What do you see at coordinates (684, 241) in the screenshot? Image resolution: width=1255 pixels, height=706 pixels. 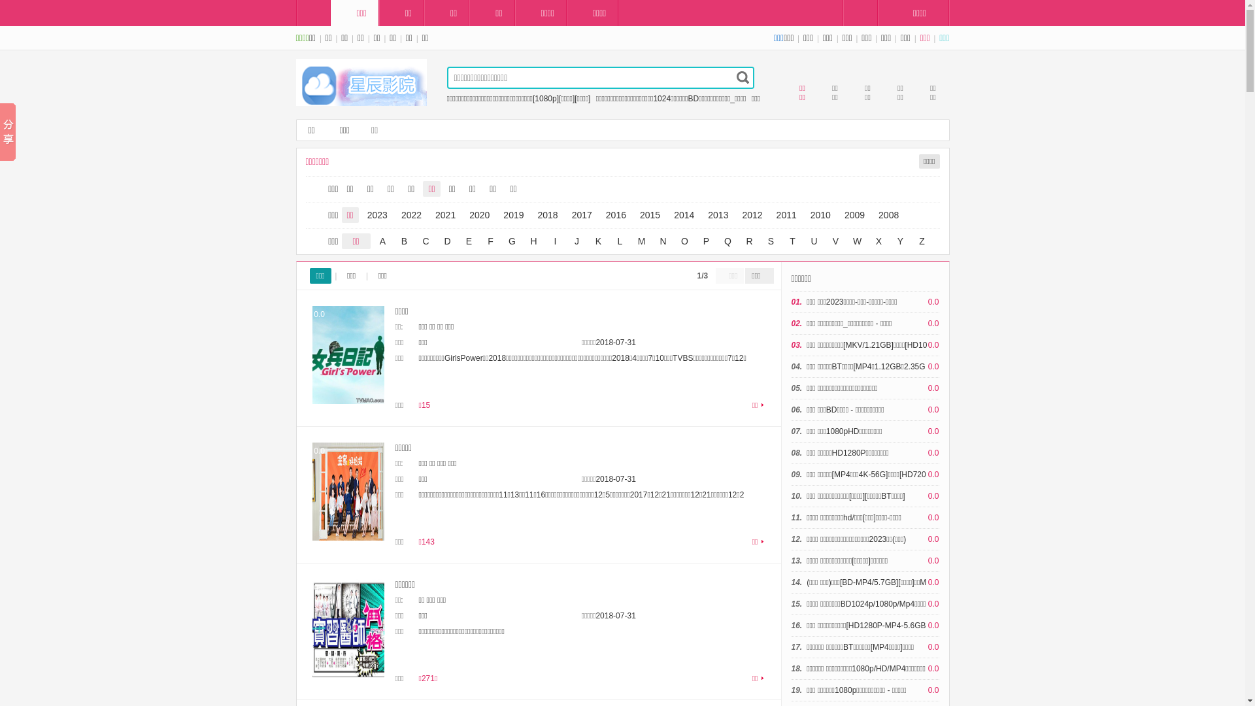 I see `'O'` at bounding box center [684, 241].